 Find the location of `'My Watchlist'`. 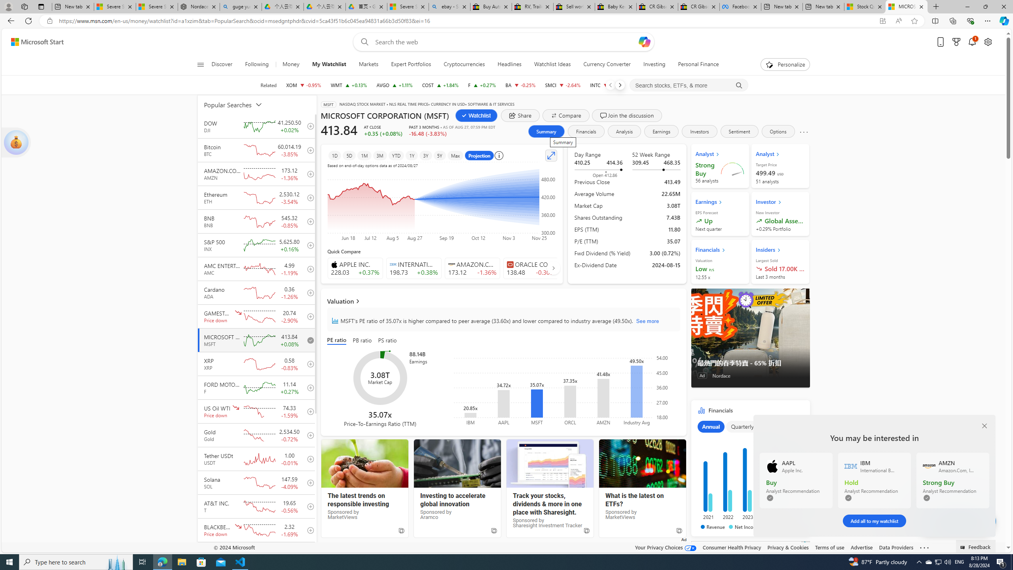

'My Watchlist' is located at coordinates (329, 64).